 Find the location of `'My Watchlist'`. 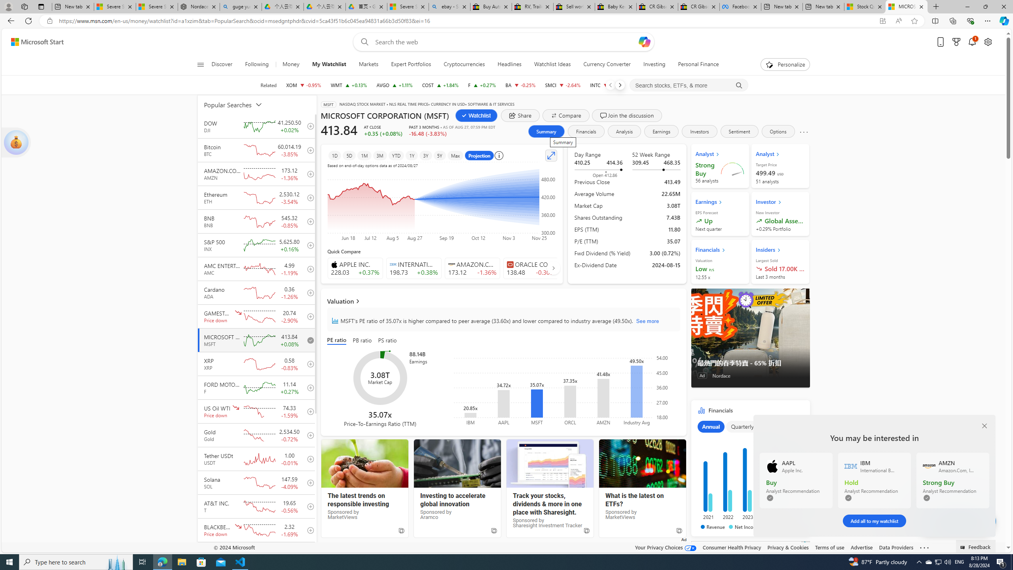

'My Watchlist' is located at coordinates (329, 64).